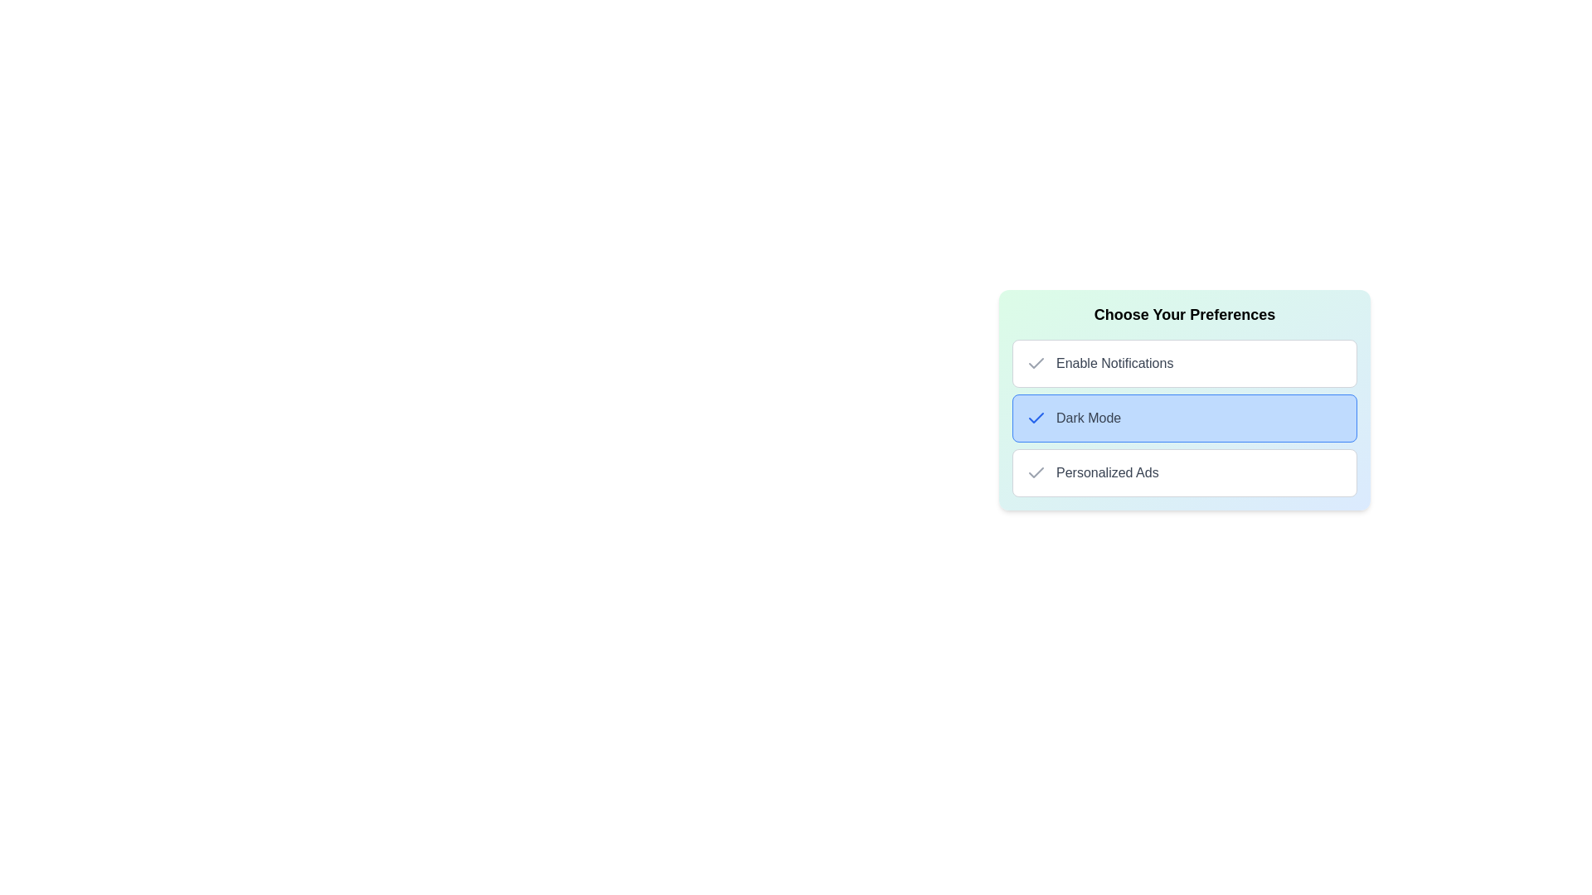 The image size is (1592, 895). I want to click on the section title text that introduces user preferences, located at the center-right of the interface, so click(1184, 315).